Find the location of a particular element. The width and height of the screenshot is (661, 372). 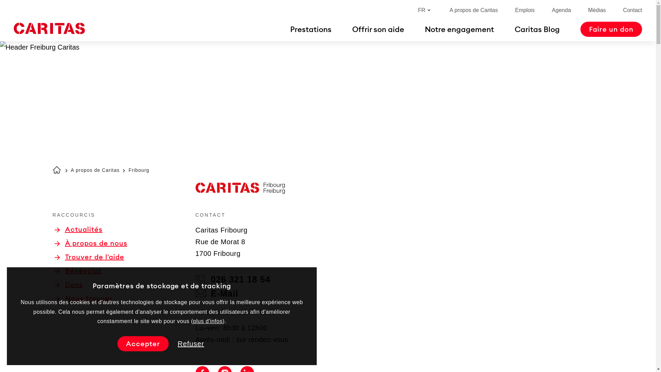

'E-Mail is located at coordinates (217, 293).